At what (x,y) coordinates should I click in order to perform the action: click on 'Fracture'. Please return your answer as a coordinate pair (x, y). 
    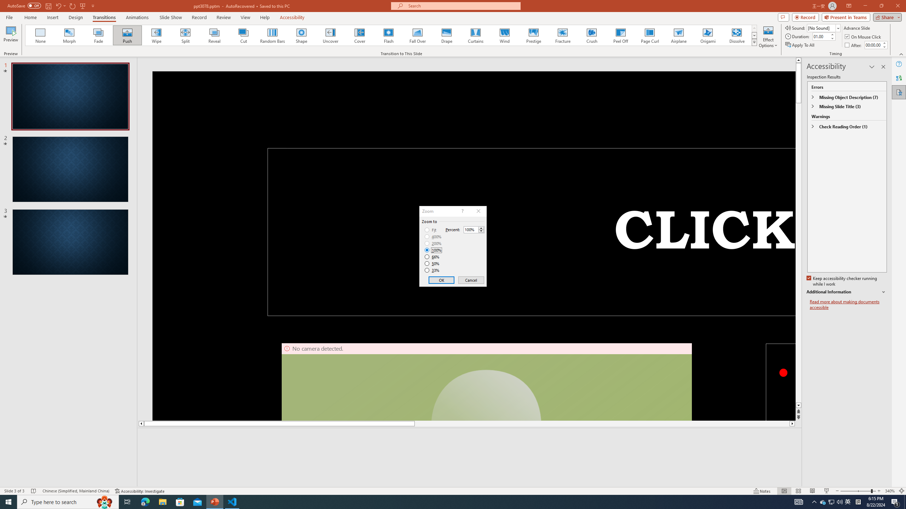
    Looking at the image, I should click on (562, 35).